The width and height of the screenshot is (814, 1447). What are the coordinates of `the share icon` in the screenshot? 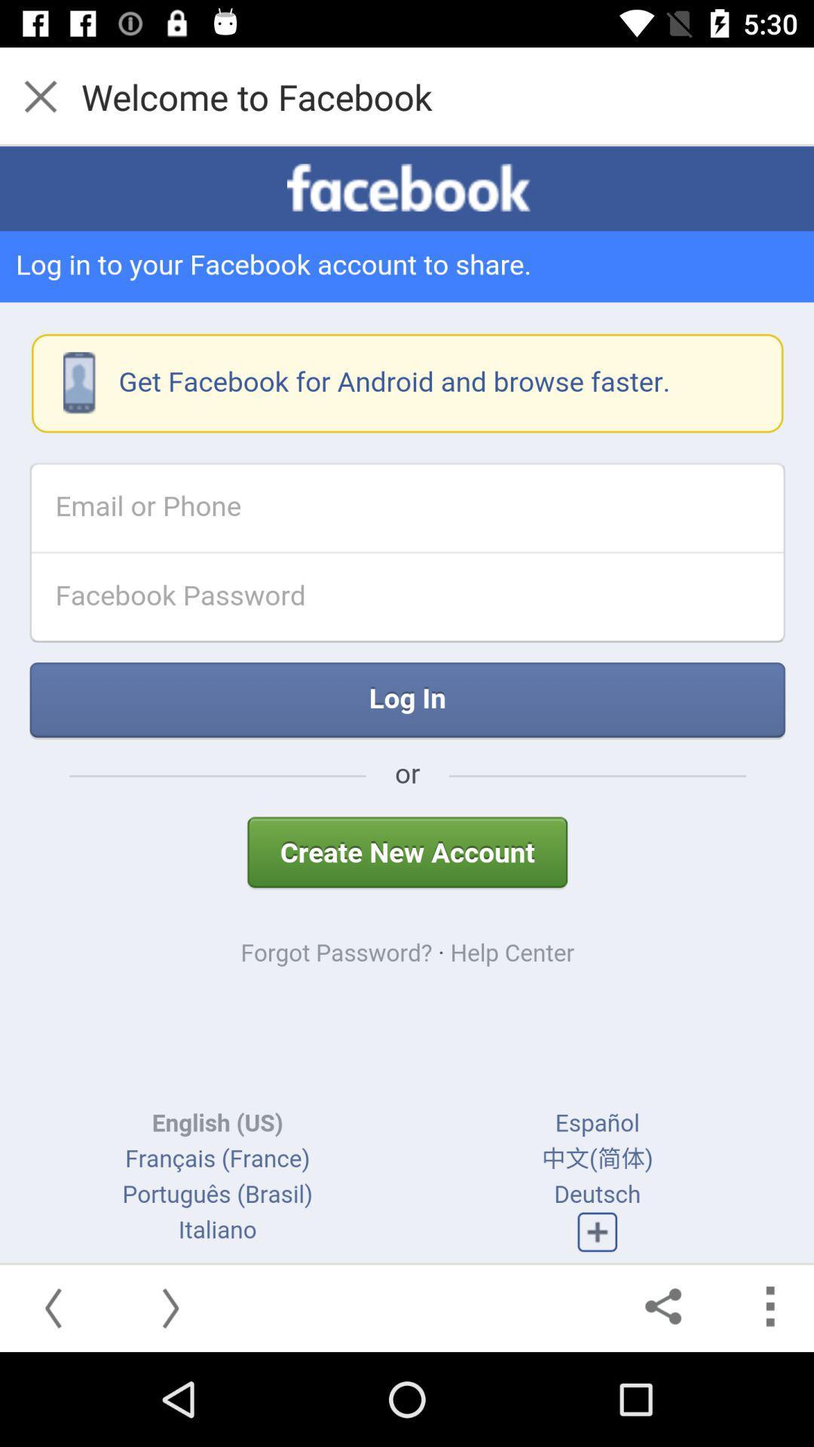 It's located at (663, 1306).